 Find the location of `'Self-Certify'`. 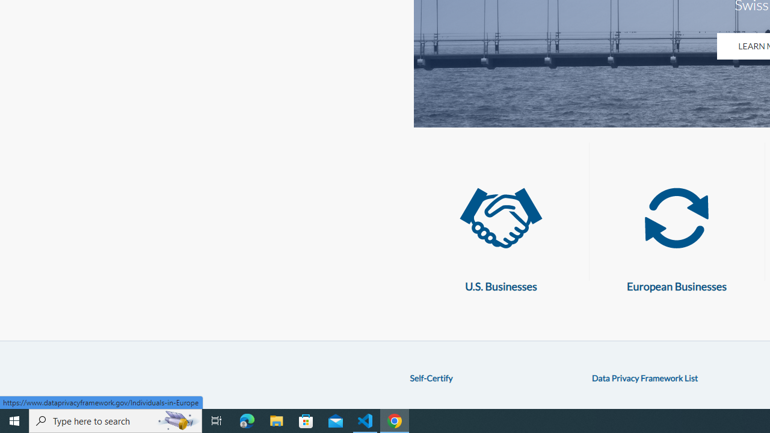

'Self-Certify' is located at coordinates (431, 377).